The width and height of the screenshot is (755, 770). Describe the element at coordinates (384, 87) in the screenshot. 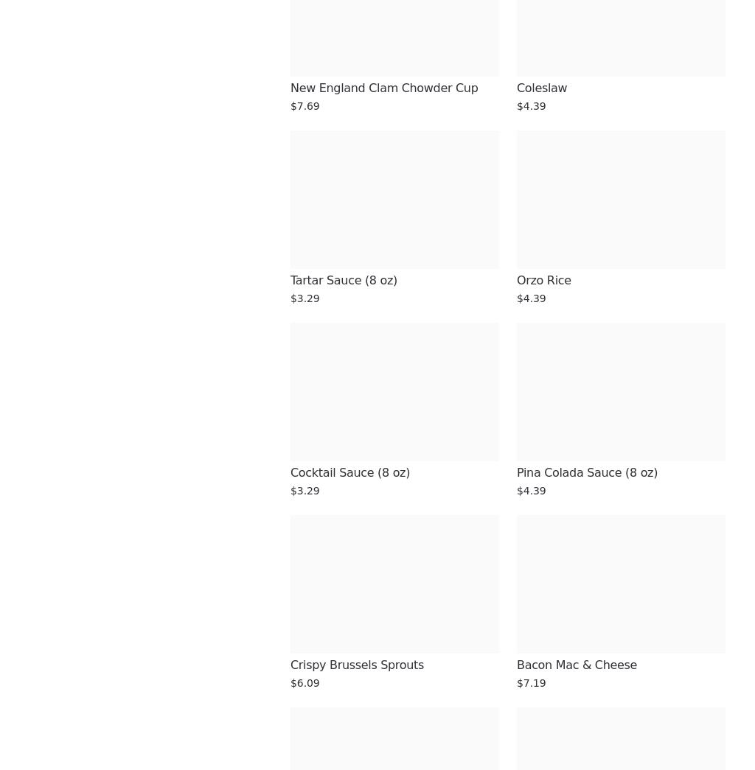

I see `'New England Clam Chowder Cup'` at that location.